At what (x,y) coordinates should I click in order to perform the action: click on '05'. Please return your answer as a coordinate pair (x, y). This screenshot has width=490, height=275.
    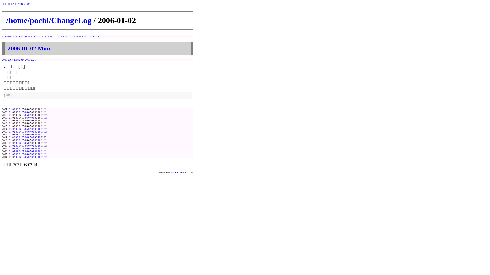
    Looking at the image, I should click on (23, 129).